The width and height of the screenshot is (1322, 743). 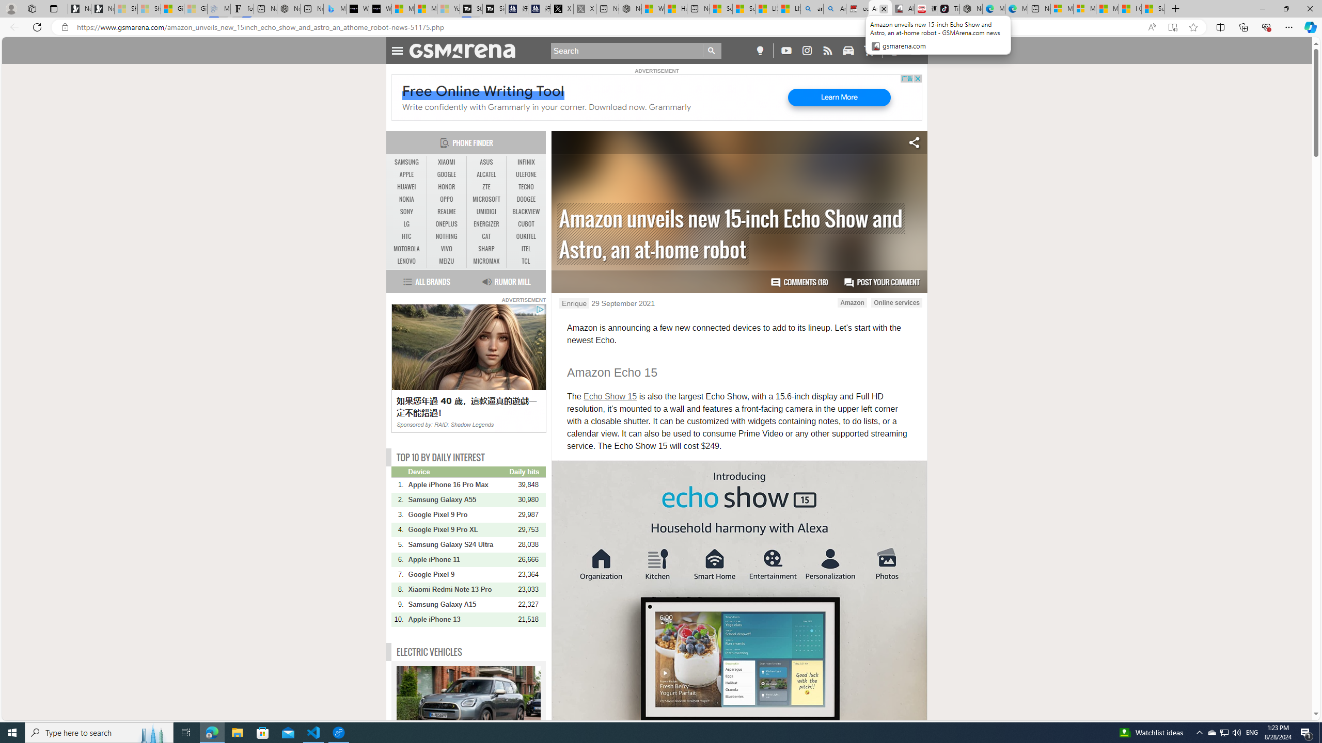 I want to click on 'LG', so click(x=406, y=223).